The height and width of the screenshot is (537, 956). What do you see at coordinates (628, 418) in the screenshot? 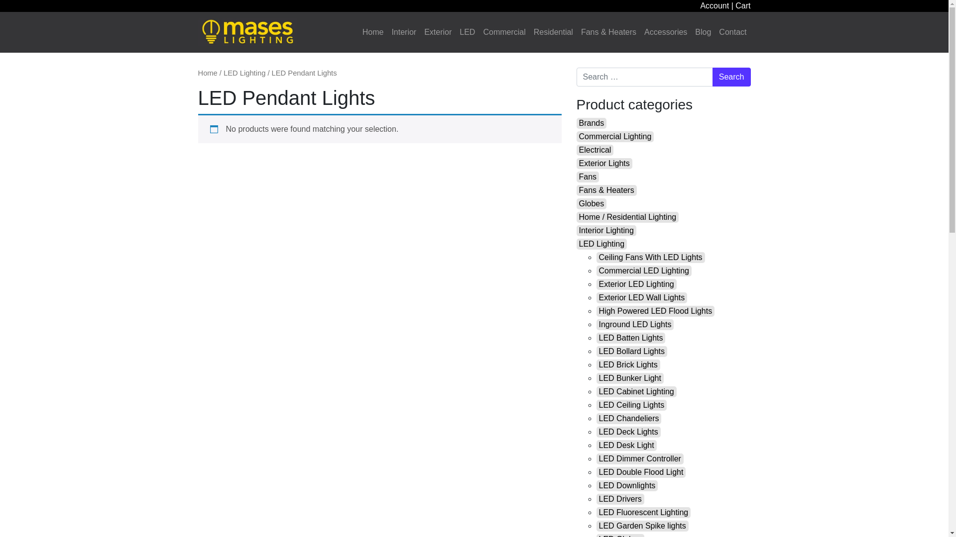
I see `'LED Chandeliers'` at bounding box center [628, 418].